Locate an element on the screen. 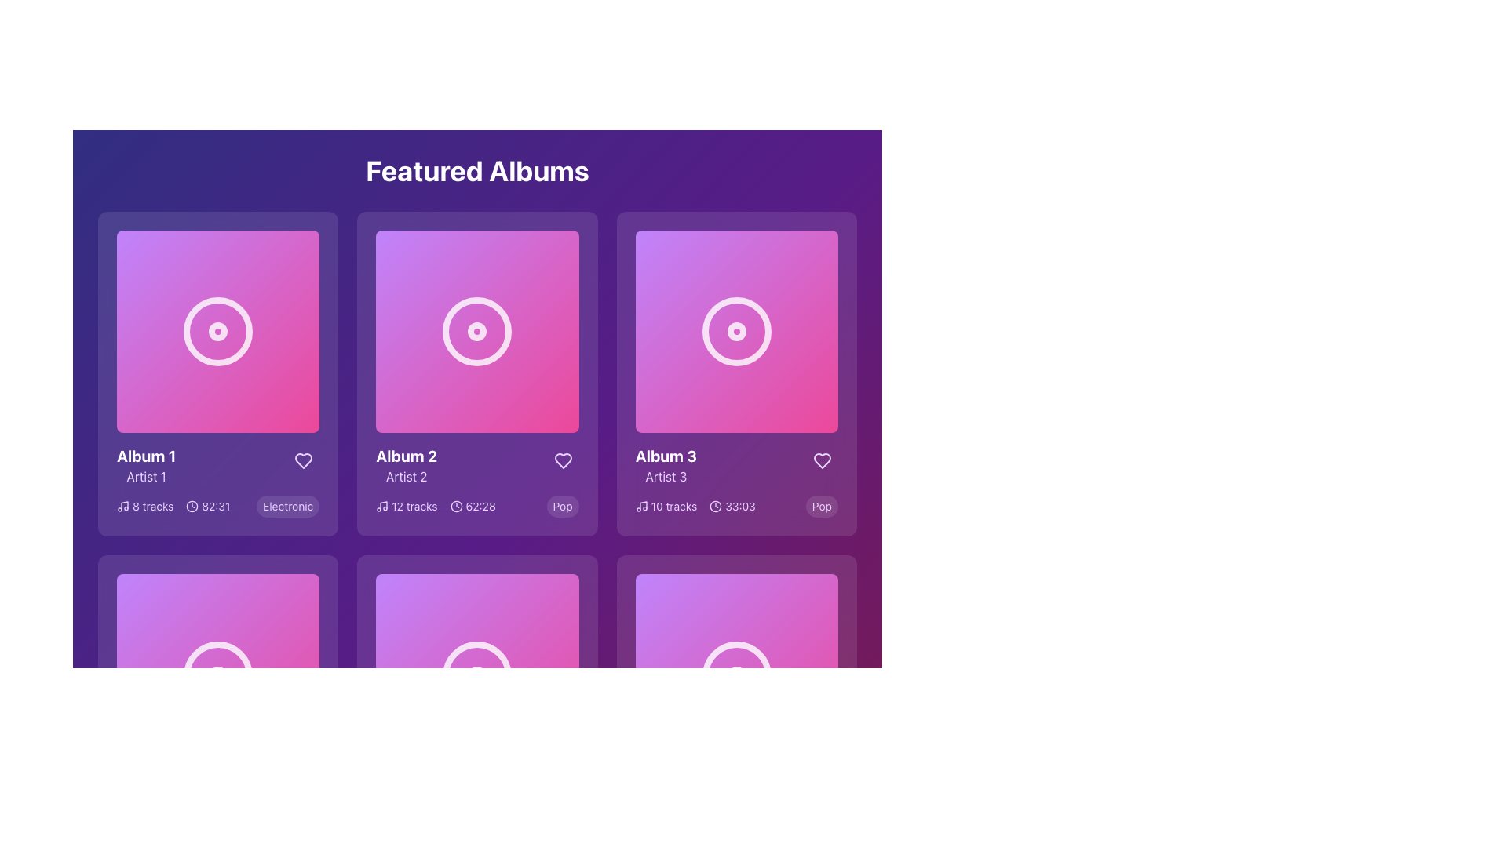  the time display element located at the bottom right corner of the 'Album 3' card, positioned below '10 tracks' and to the left of the 'Pop' tag is located at coordinates (732, 507).